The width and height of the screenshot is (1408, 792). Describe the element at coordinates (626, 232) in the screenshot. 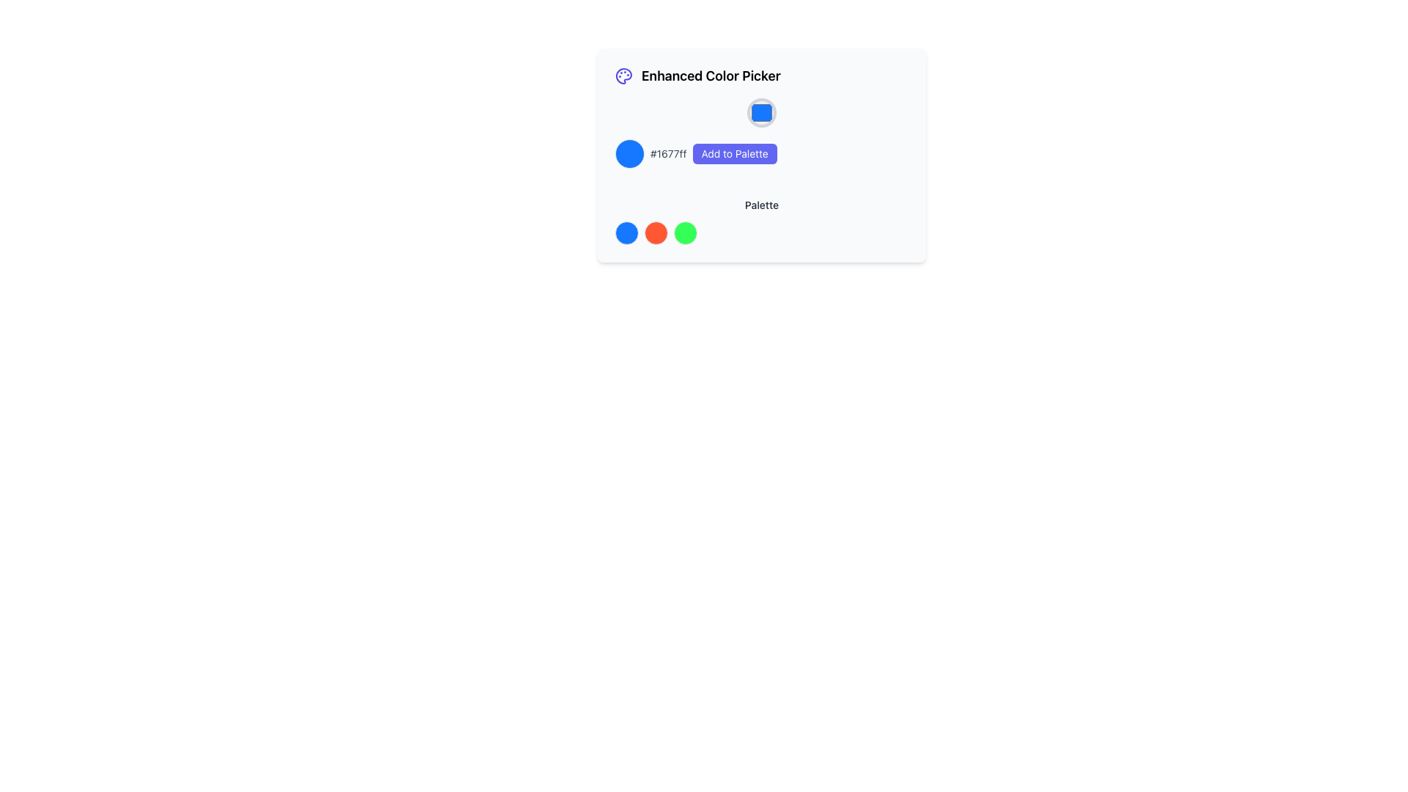

I see `the first selectable color circle with a blue fill and darker blue border located under the 'Palette' header in the 'Enhanced Color Picker' box` at that location.